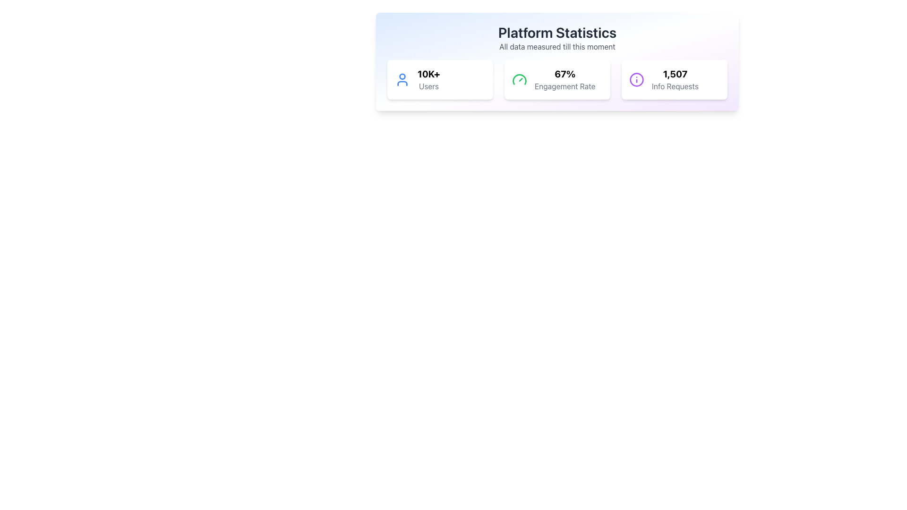  What do you see at coordinates (557, 32) in the screenshot?
I see `the main heading text for the statistics section, which indicates platform-related metrics` at bounding box center [557, 32].